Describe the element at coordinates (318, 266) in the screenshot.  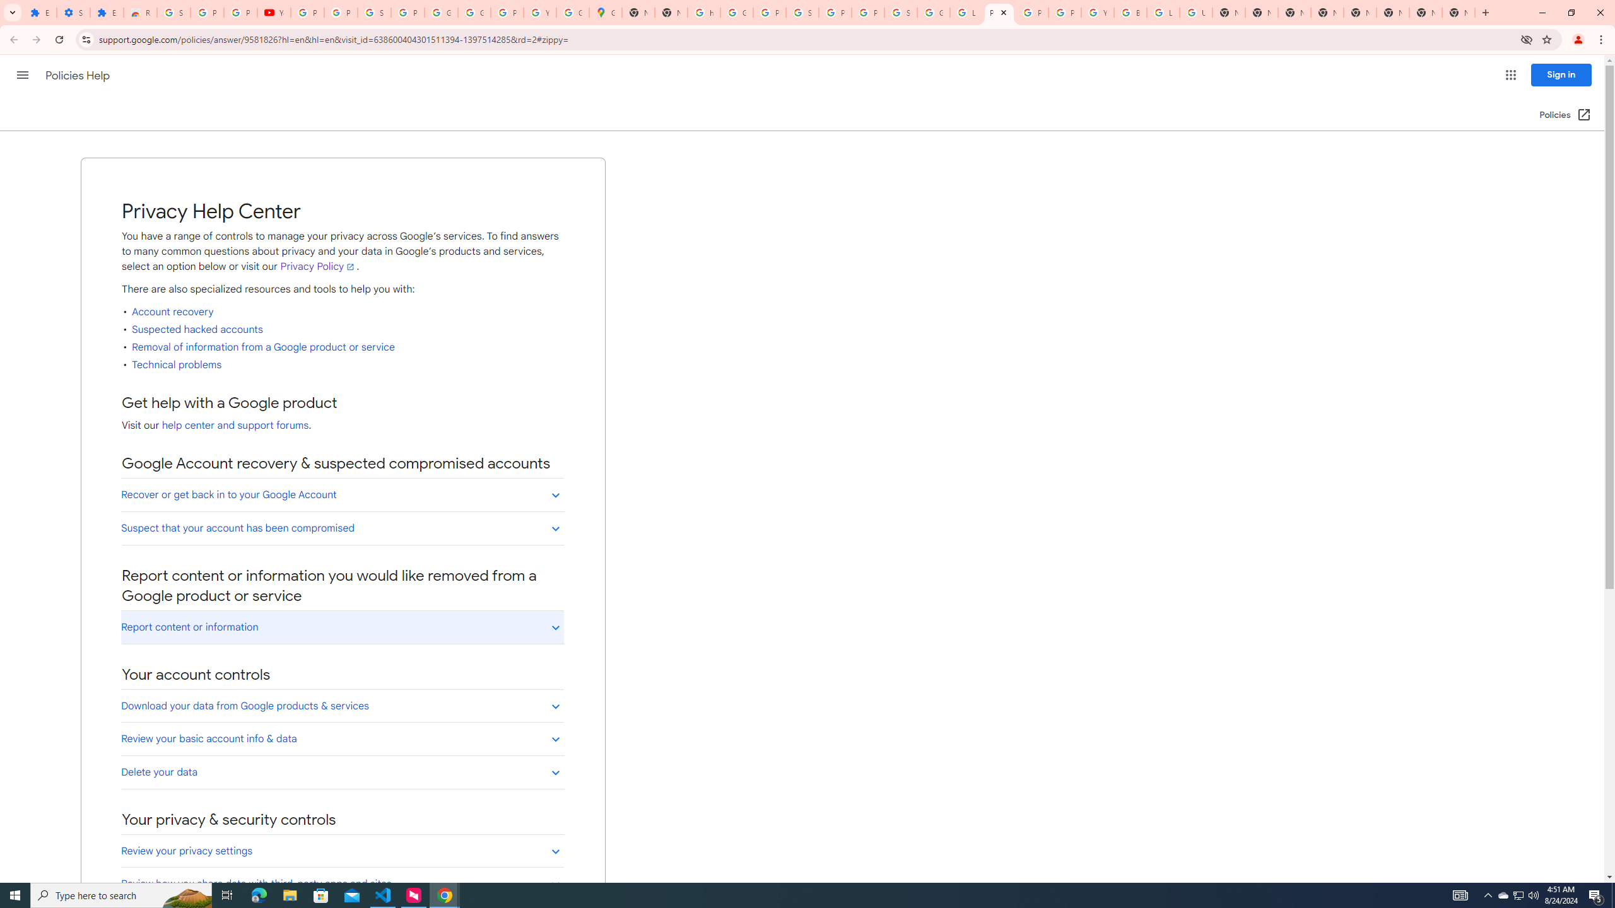
I see `'Privacy Policy'` at that location.